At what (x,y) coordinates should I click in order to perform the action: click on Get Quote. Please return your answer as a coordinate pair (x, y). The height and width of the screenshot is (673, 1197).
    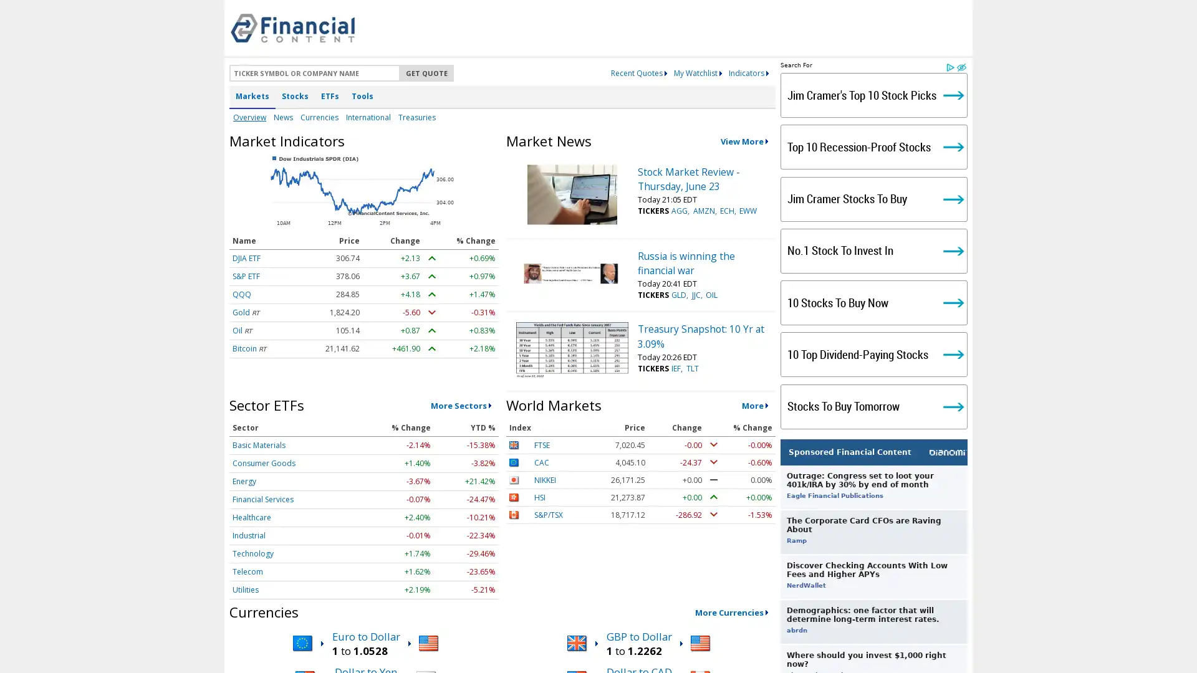
    Looking at the image, I should click on (426, 73).